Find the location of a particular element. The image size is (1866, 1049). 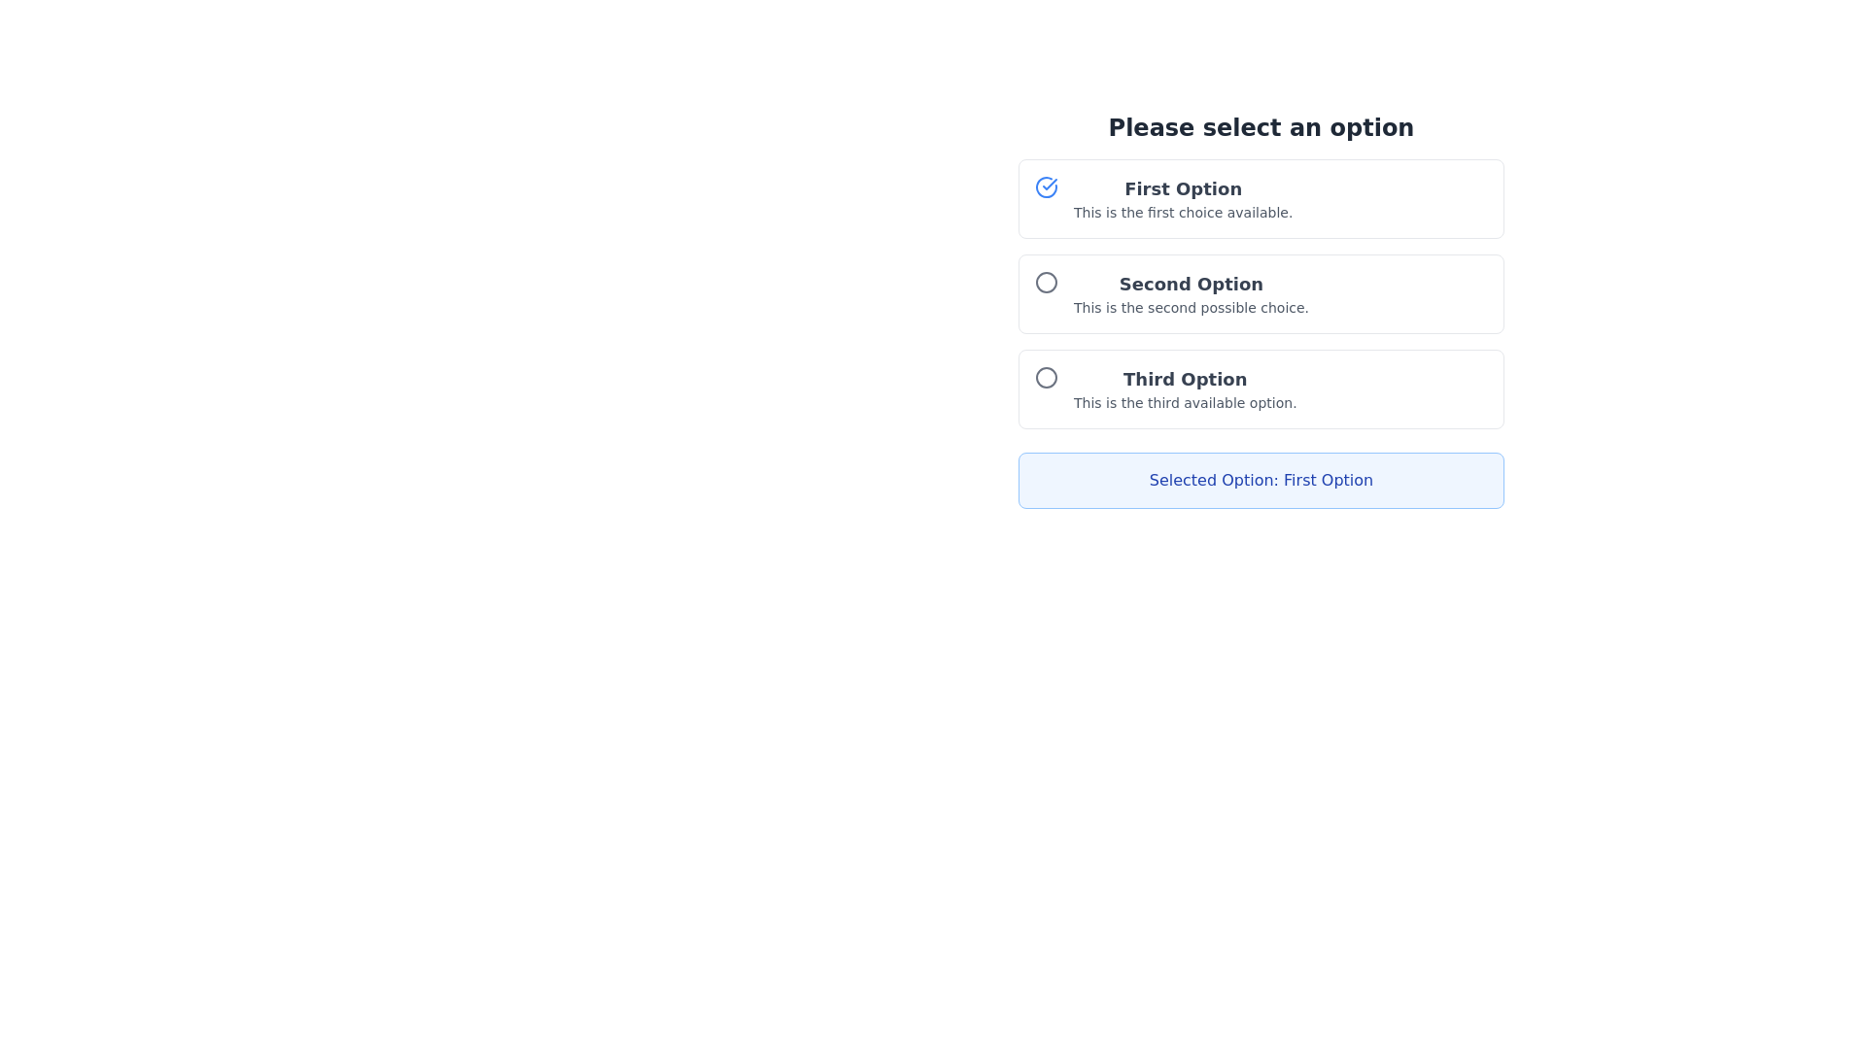

the text label that serves as a title or instruction for the user, located at the top of the vertically structured layout is located at coordinates (1261, 127).